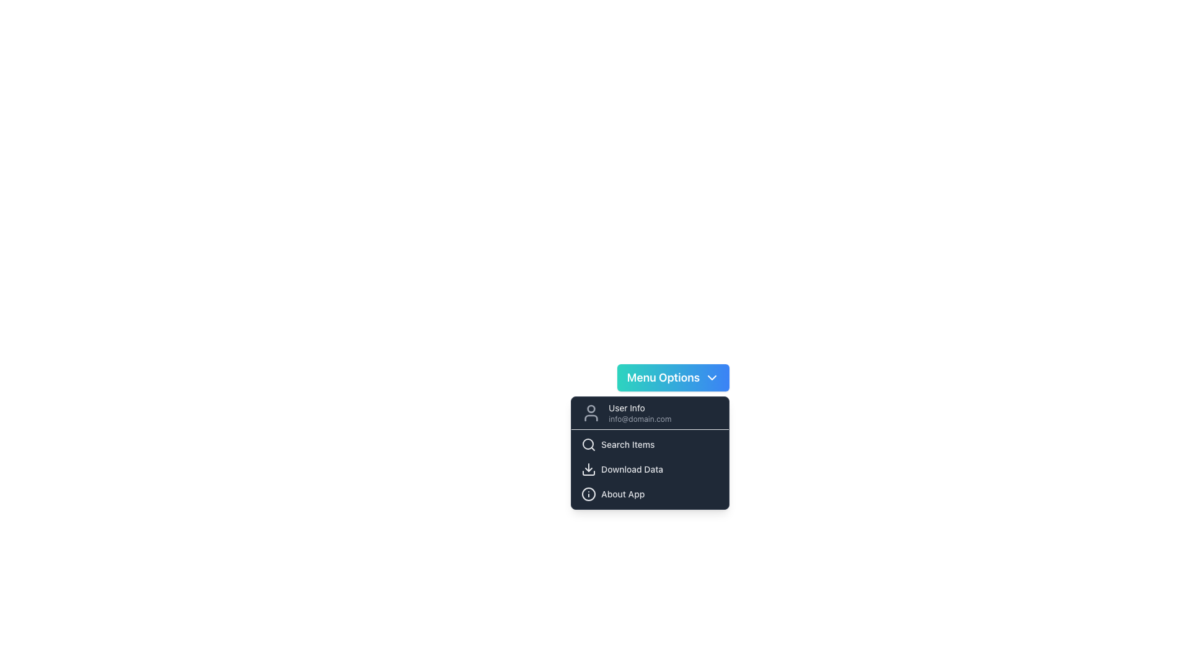 The image size is (1190, 669). Describe the element at coordinates (650, 453) in the screenshot. I see `an option in the dropdown menu with a dark gray background located below the 'Menu Options' button` at that location.